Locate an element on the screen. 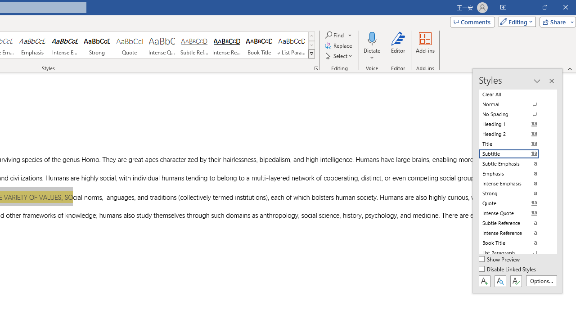 This screenshot has height=324, width=576. 'Minimize' is located at coordinates (524, 7).